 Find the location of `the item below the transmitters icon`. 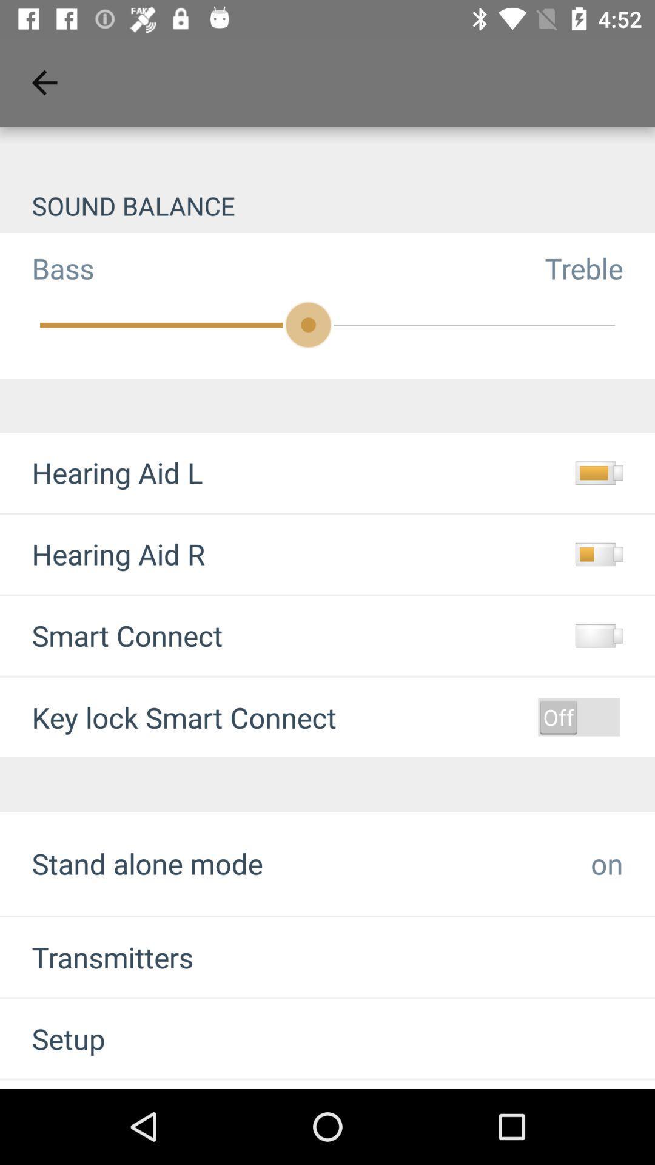

the item below the transmitters icon is located at coordinates (52, 1038).